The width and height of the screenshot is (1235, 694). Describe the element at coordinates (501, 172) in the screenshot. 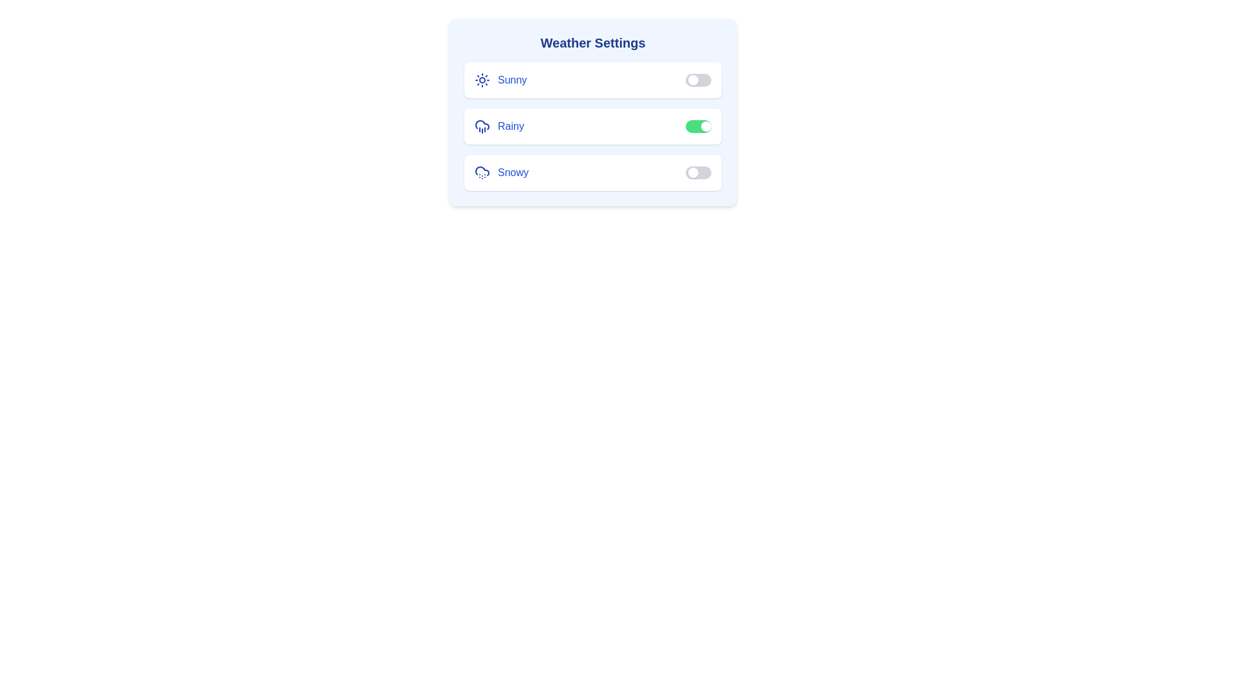

I see `the 'Snowy' weather condition label located in the third row of the weather options within the 'Weather Settings' card, positioned to the left of the toggle switch` at that location.